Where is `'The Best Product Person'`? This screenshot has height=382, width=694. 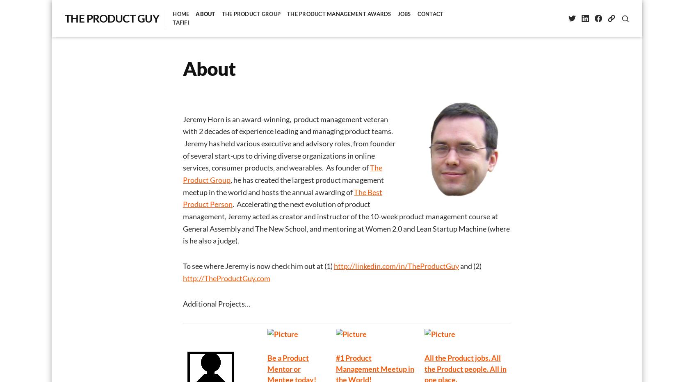
'The Best Product Person' is located at coordinates (282, 197).